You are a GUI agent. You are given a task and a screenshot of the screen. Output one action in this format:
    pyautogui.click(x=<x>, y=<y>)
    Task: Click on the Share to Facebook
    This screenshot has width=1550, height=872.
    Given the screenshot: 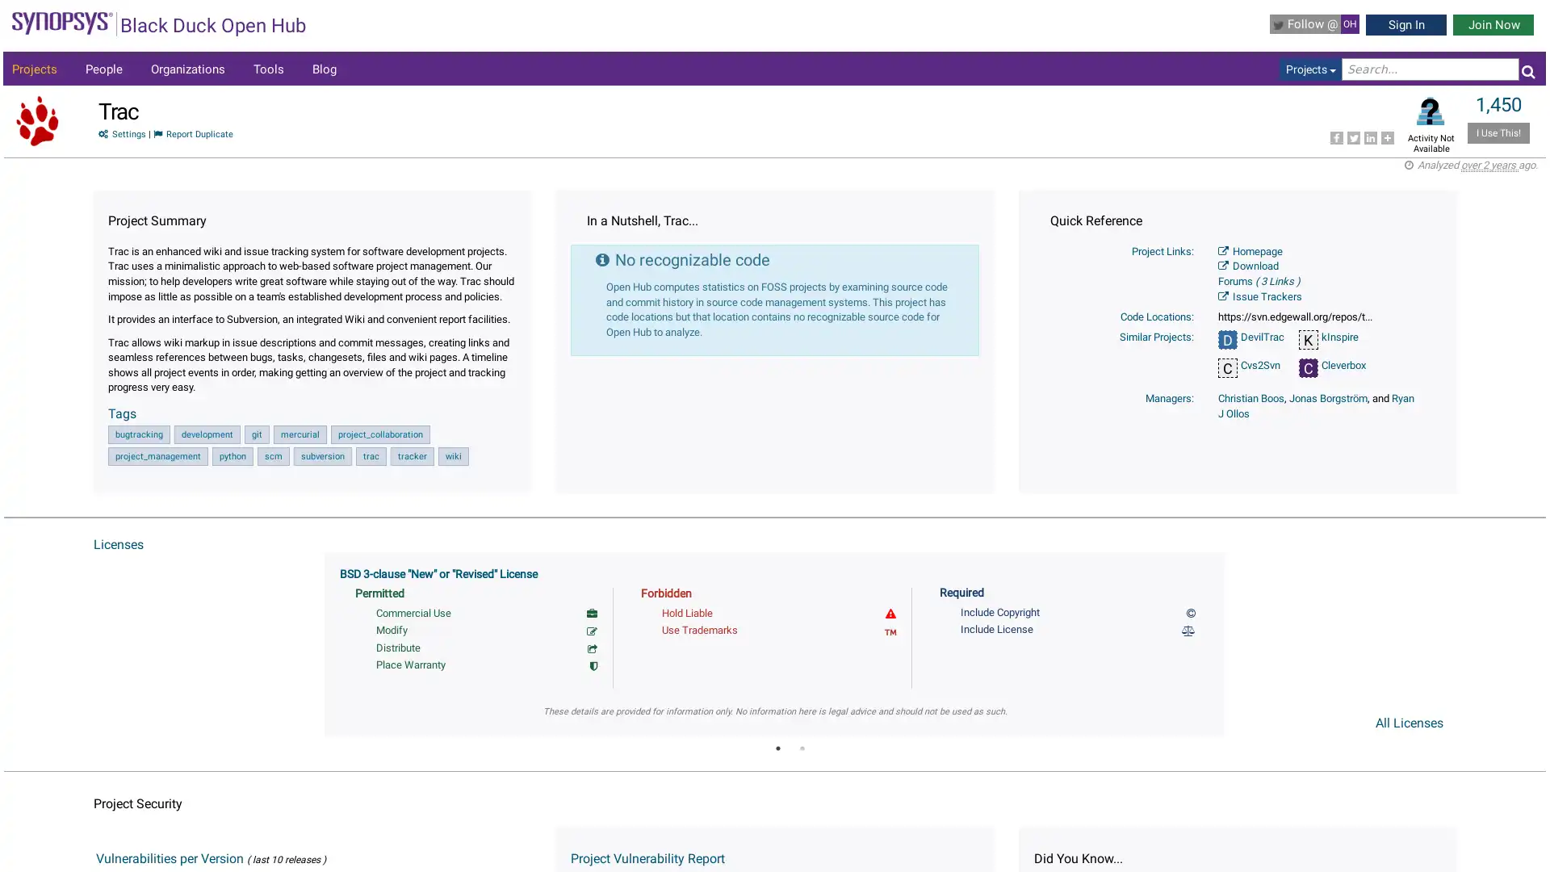 What is the action you would take?
    pyautogui.click(x=1336, y=136)
    